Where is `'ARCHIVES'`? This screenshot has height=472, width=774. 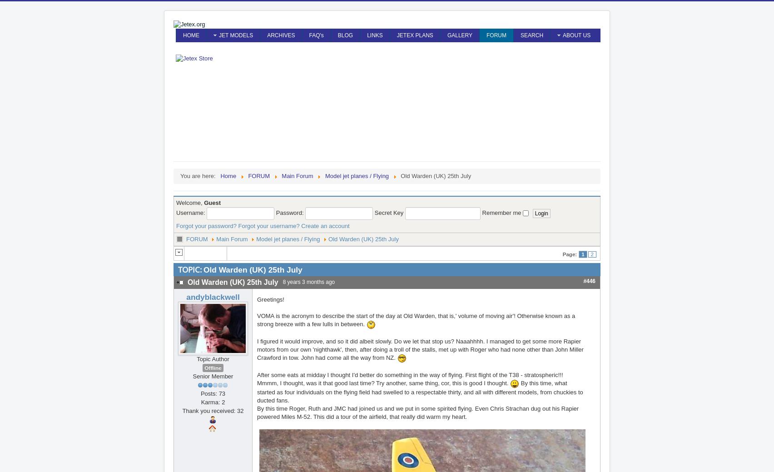
'ARCHIVES' is located at coordinates (267, 34).